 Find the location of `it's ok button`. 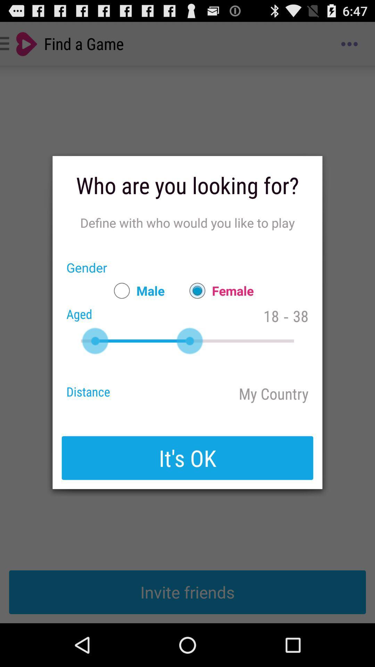

it's ok button is located at coordinates (187, 458).